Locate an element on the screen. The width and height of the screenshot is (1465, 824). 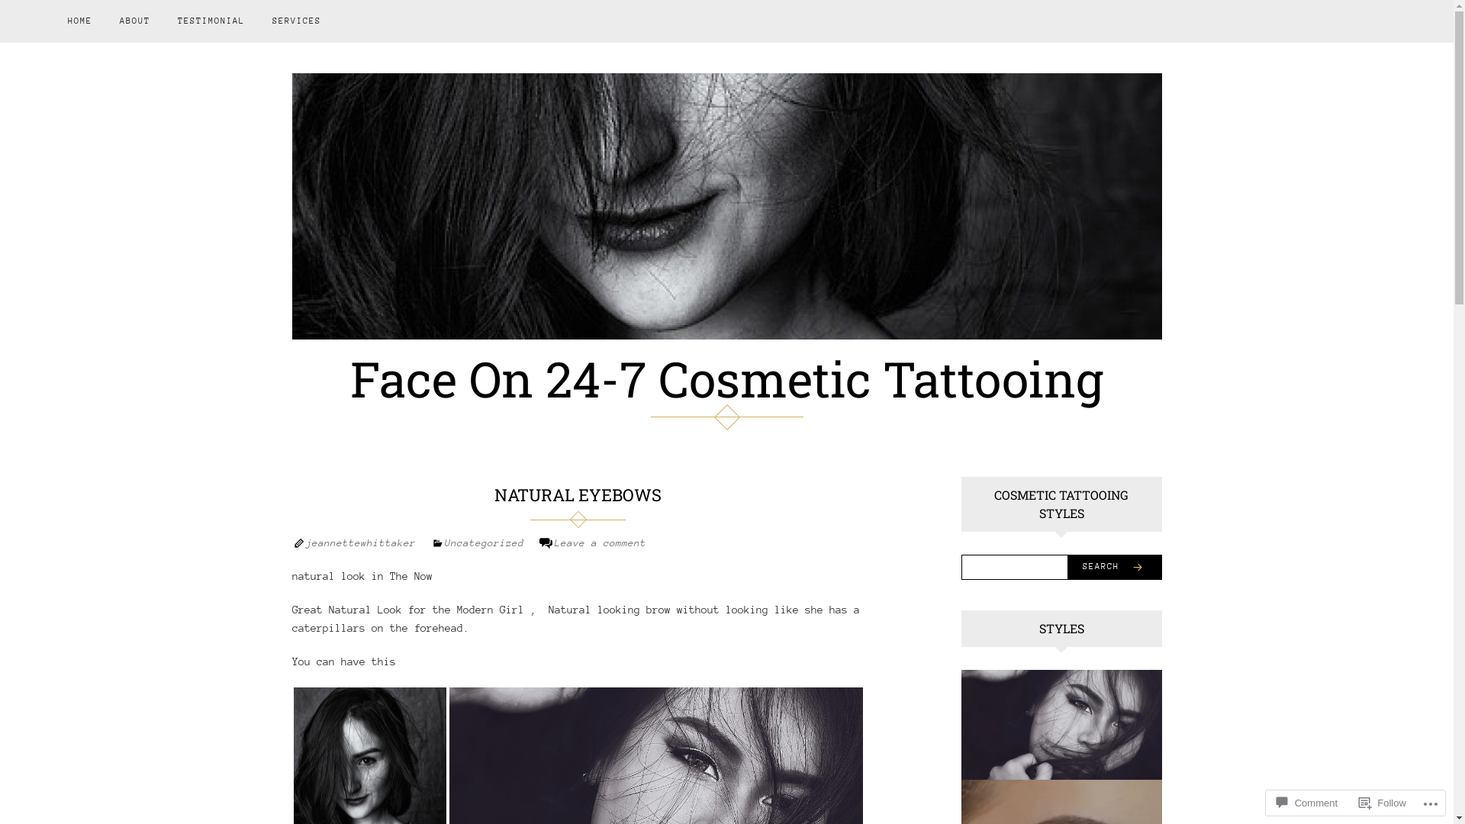
'ABOUT' is located at coordinates (135, 21).